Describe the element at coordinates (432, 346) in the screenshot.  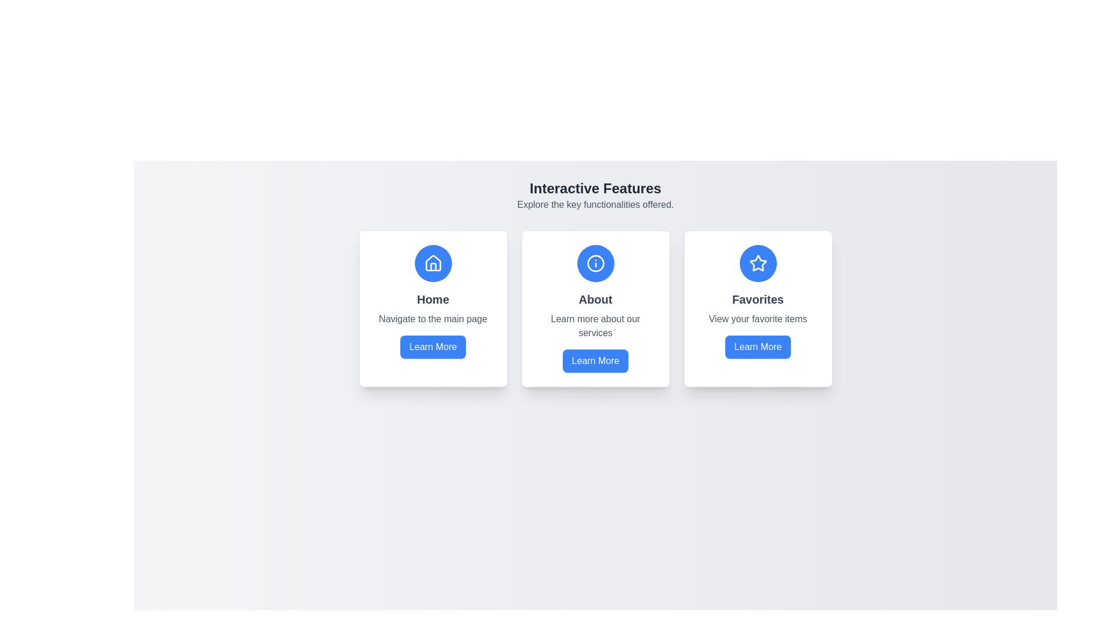
I see `the button located at the bottom of the 'Home' card, below the text 'Navigate to the main page', to observe visual feedback` at that location.